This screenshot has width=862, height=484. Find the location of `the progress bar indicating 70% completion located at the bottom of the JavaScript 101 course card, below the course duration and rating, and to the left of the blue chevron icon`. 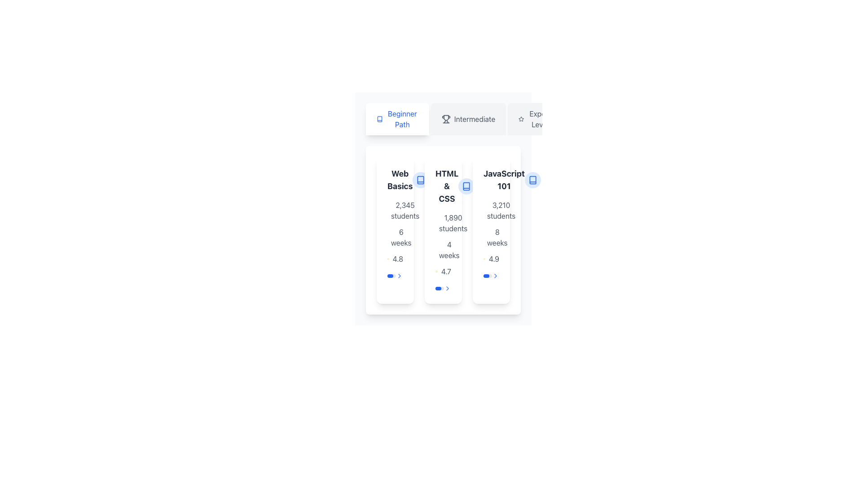

the progress bar indicating 70% completion located at the bottom of the JavaScript 101 course card, below the course duration and rating, and to the left of the blue chevron icon is located at coordinates (487, 276).